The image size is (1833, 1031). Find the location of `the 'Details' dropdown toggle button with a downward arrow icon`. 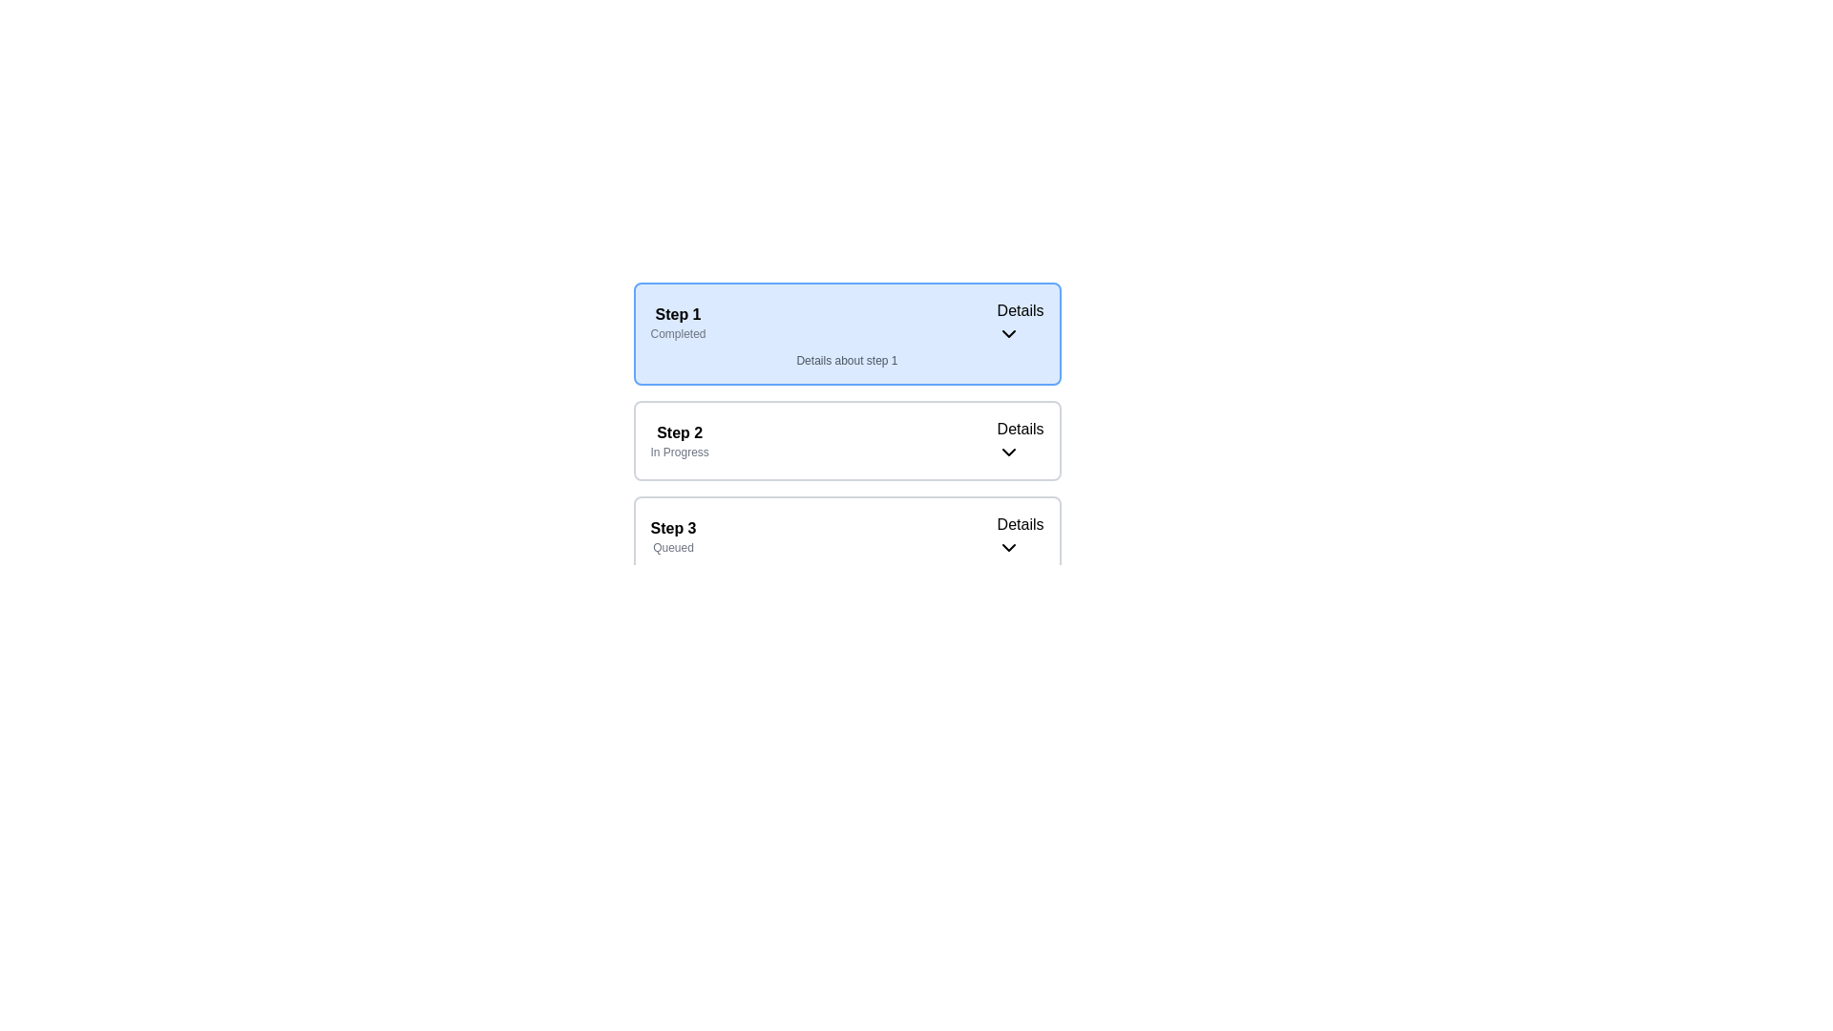

the 'Details' dropdown toggle button with a downward arrow icon is located at coordinates (1020, 537).